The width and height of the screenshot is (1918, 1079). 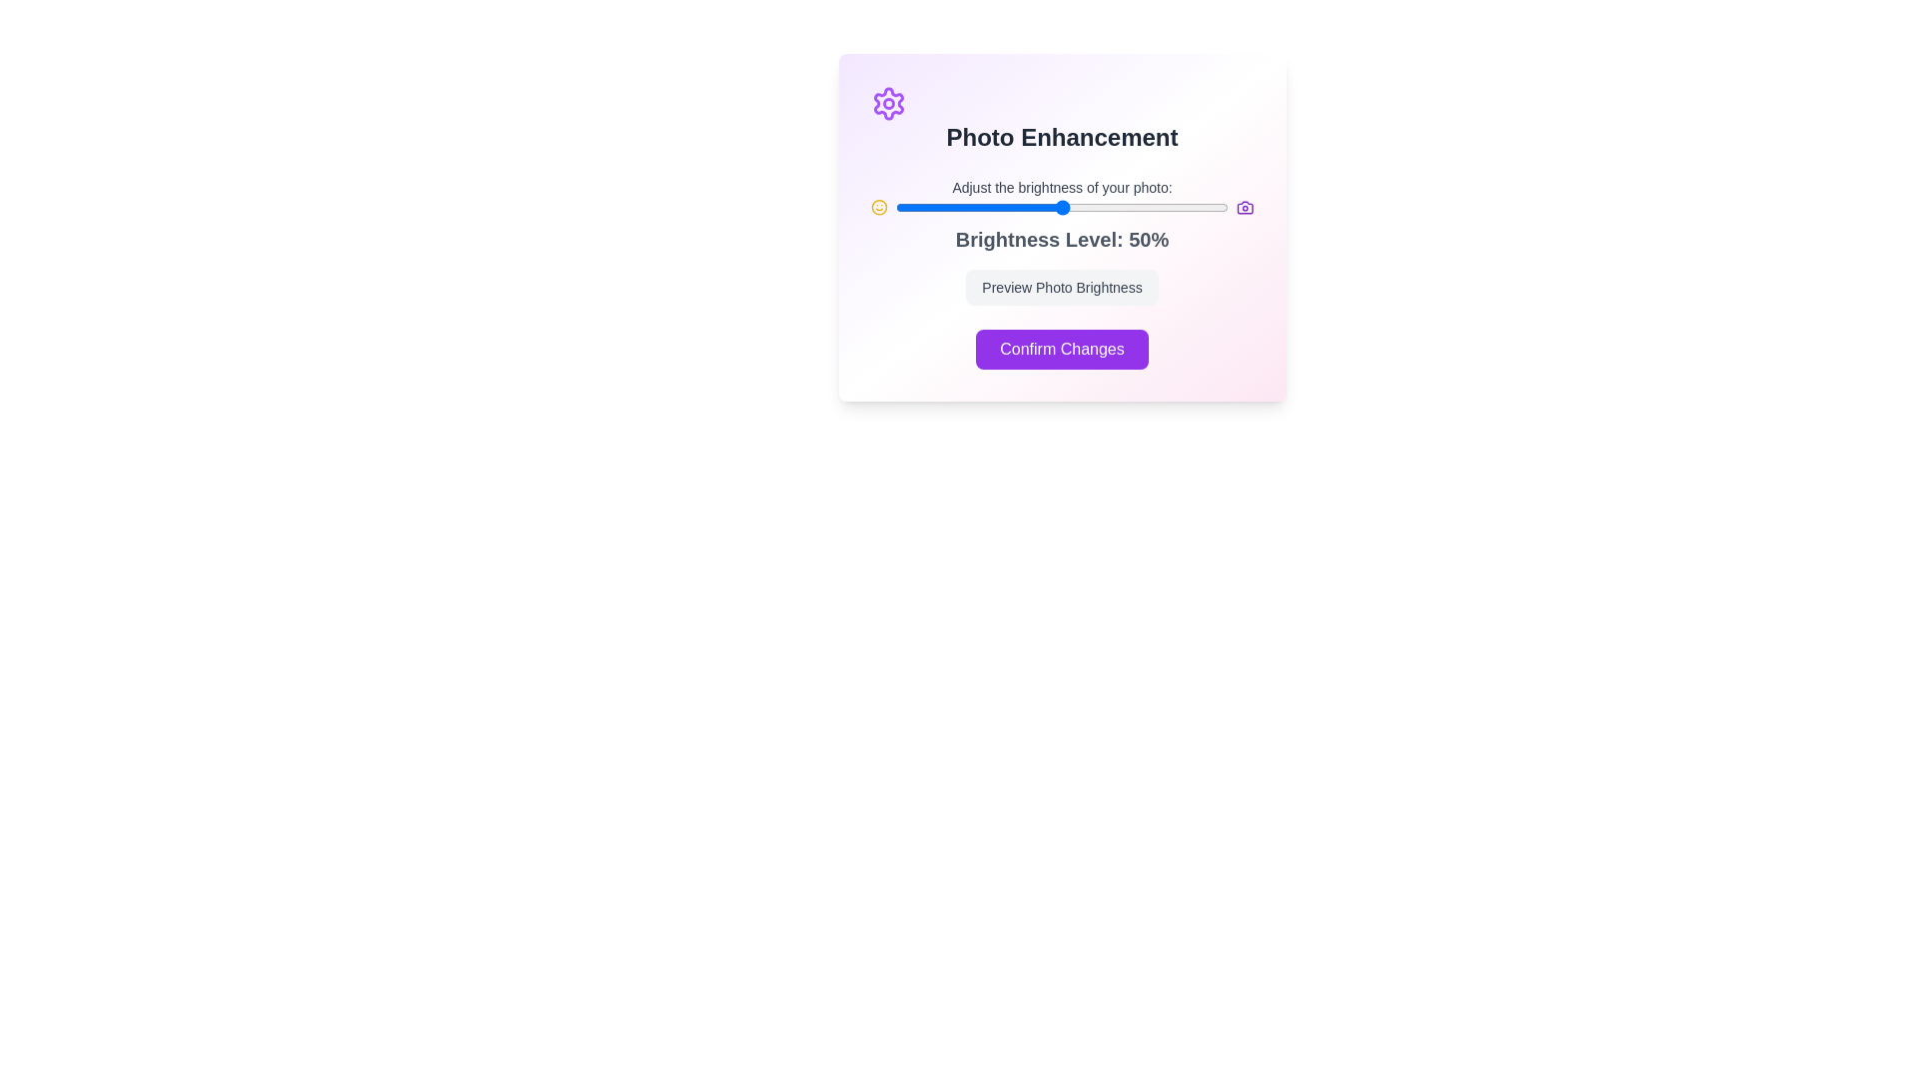 I want to click on the brightness level to 54% by adjusting the slider, so click(x=1074, y=208).